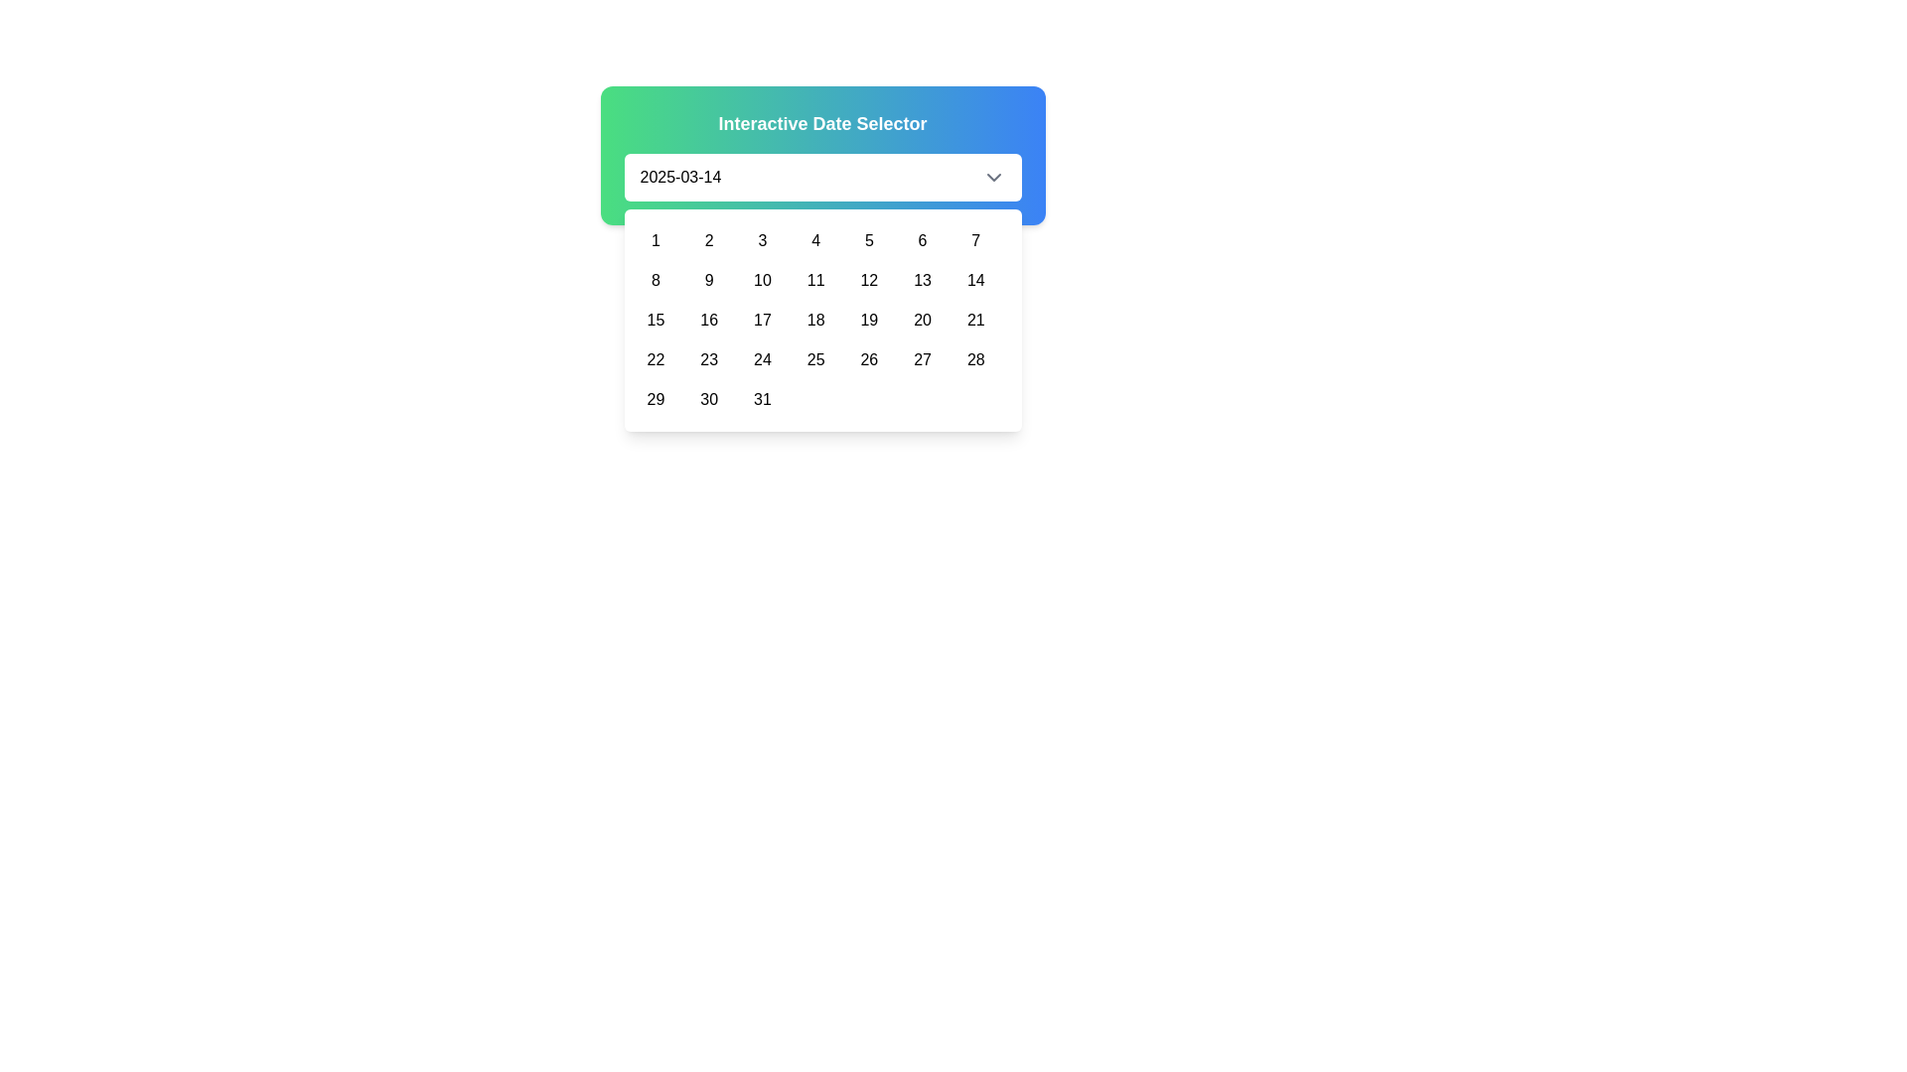  What do you see at coordinates (709, 320) in the screenshot?
I see `the rounded square button labeled '16'` at bounding box center [709, 320].